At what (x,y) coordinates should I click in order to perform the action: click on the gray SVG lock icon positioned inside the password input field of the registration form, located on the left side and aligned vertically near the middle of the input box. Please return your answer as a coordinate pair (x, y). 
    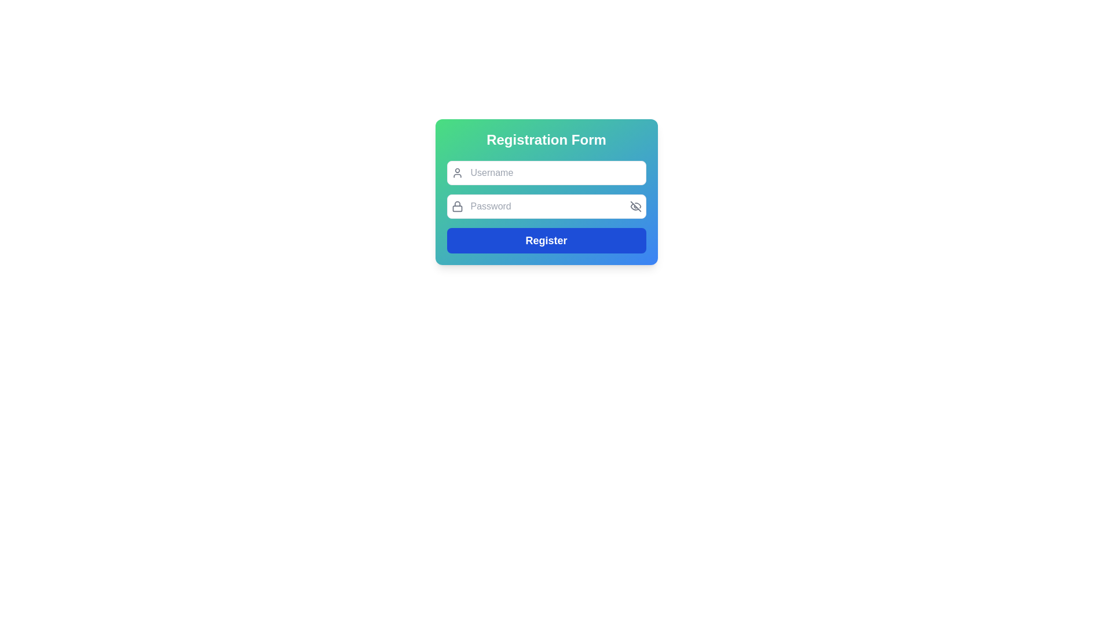
    Looking at the image, I should click on (456, 206).